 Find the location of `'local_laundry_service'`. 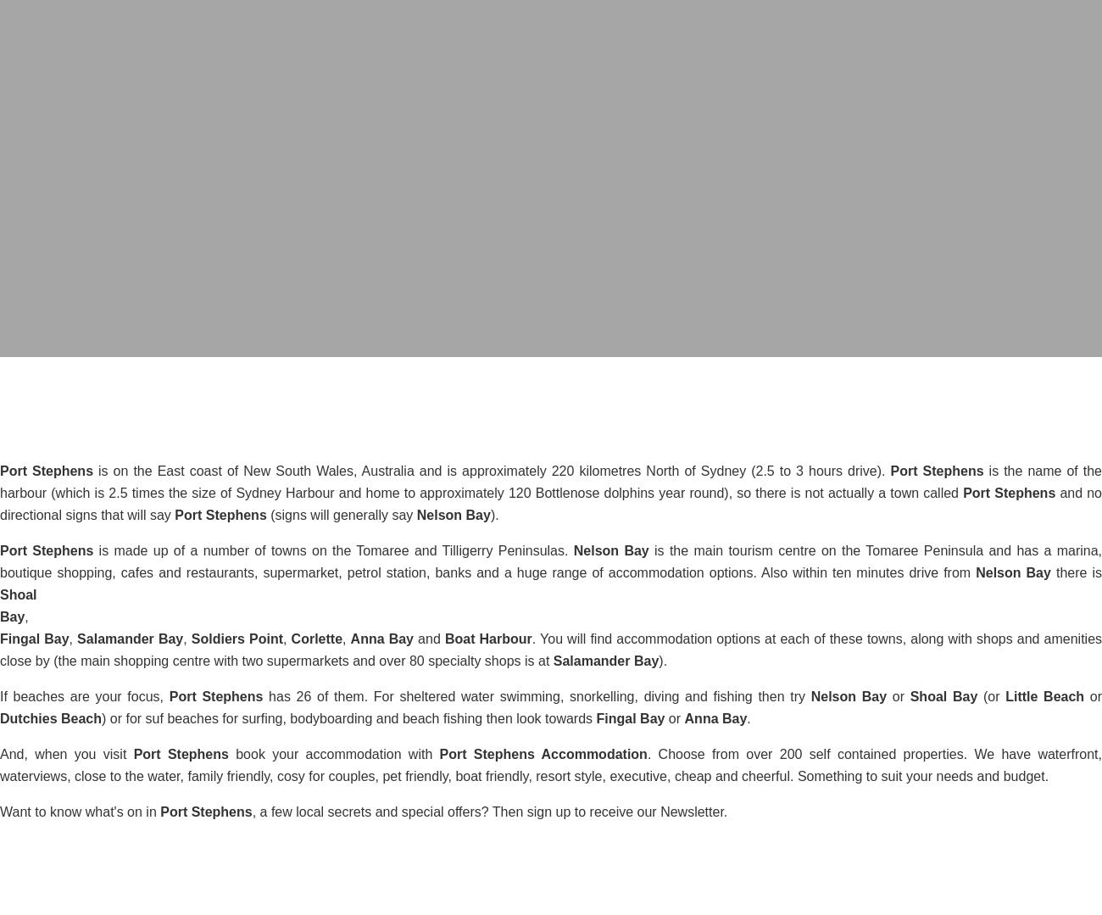

'local_laundry_service' is located at coordinates (550, 331).